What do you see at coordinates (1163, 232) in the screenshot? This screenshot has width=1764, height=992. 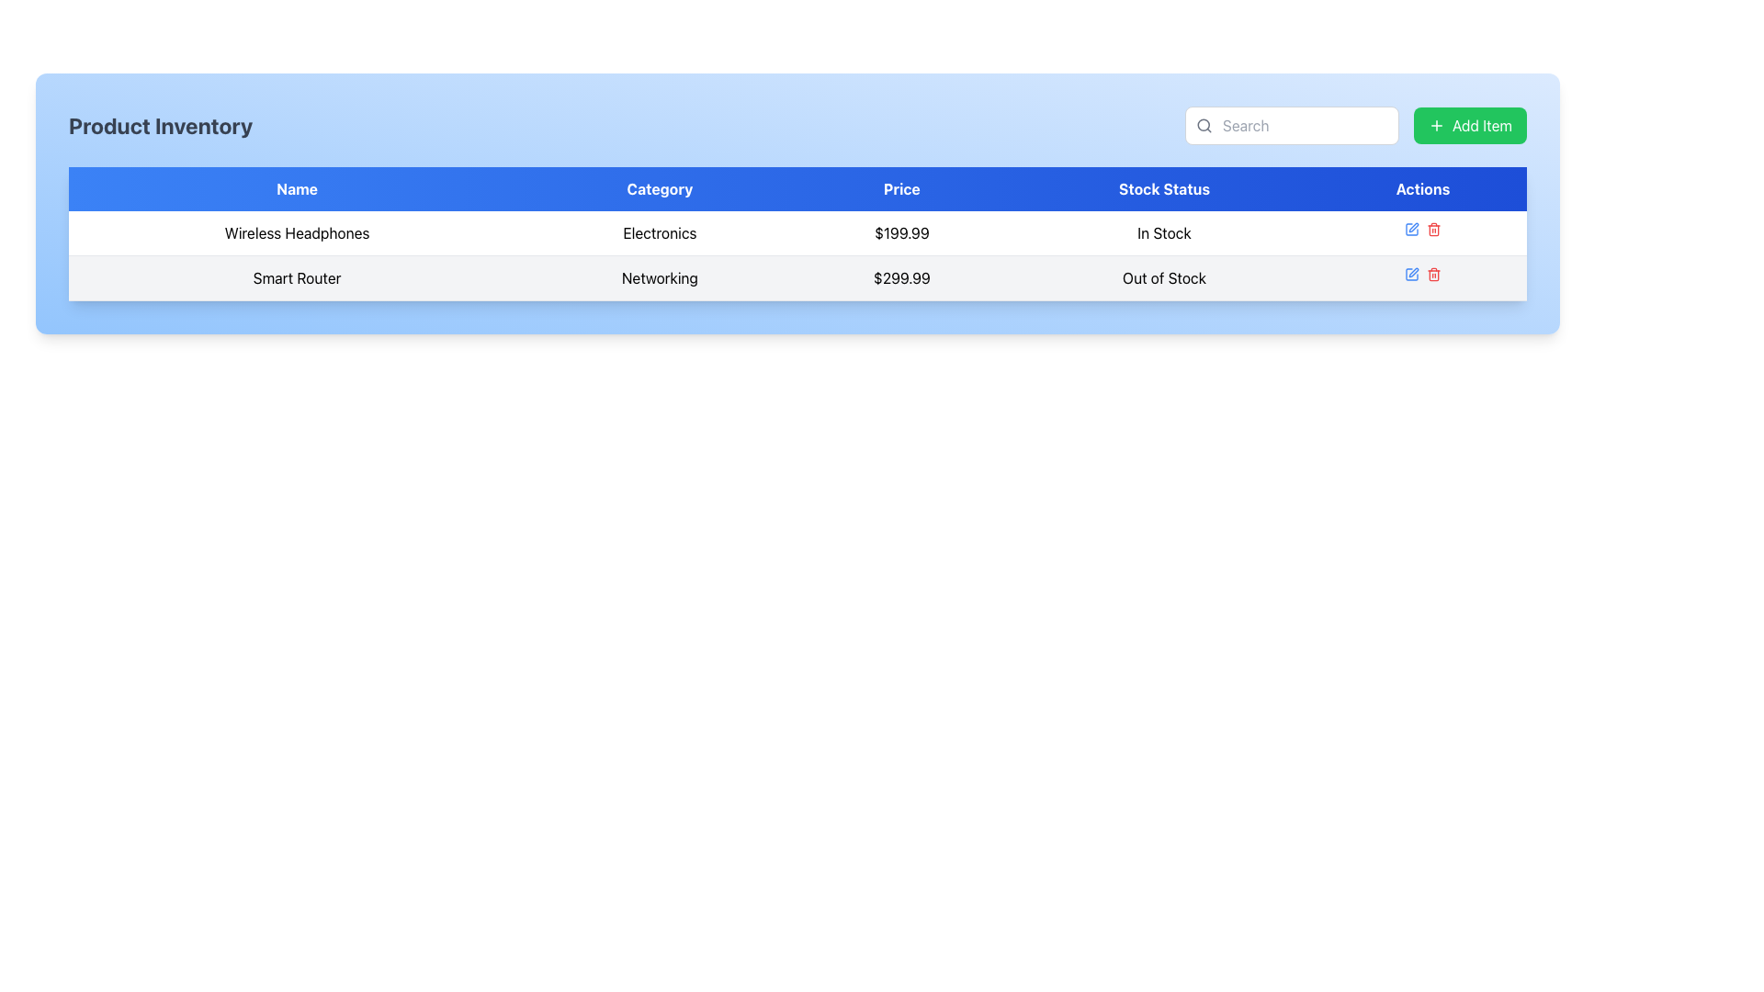 I see `the 'In Stock' text label, which is styled in black font on a white background and located in the last cell of the fourth column in the first row of the table` at bounding box center [1163, 232].